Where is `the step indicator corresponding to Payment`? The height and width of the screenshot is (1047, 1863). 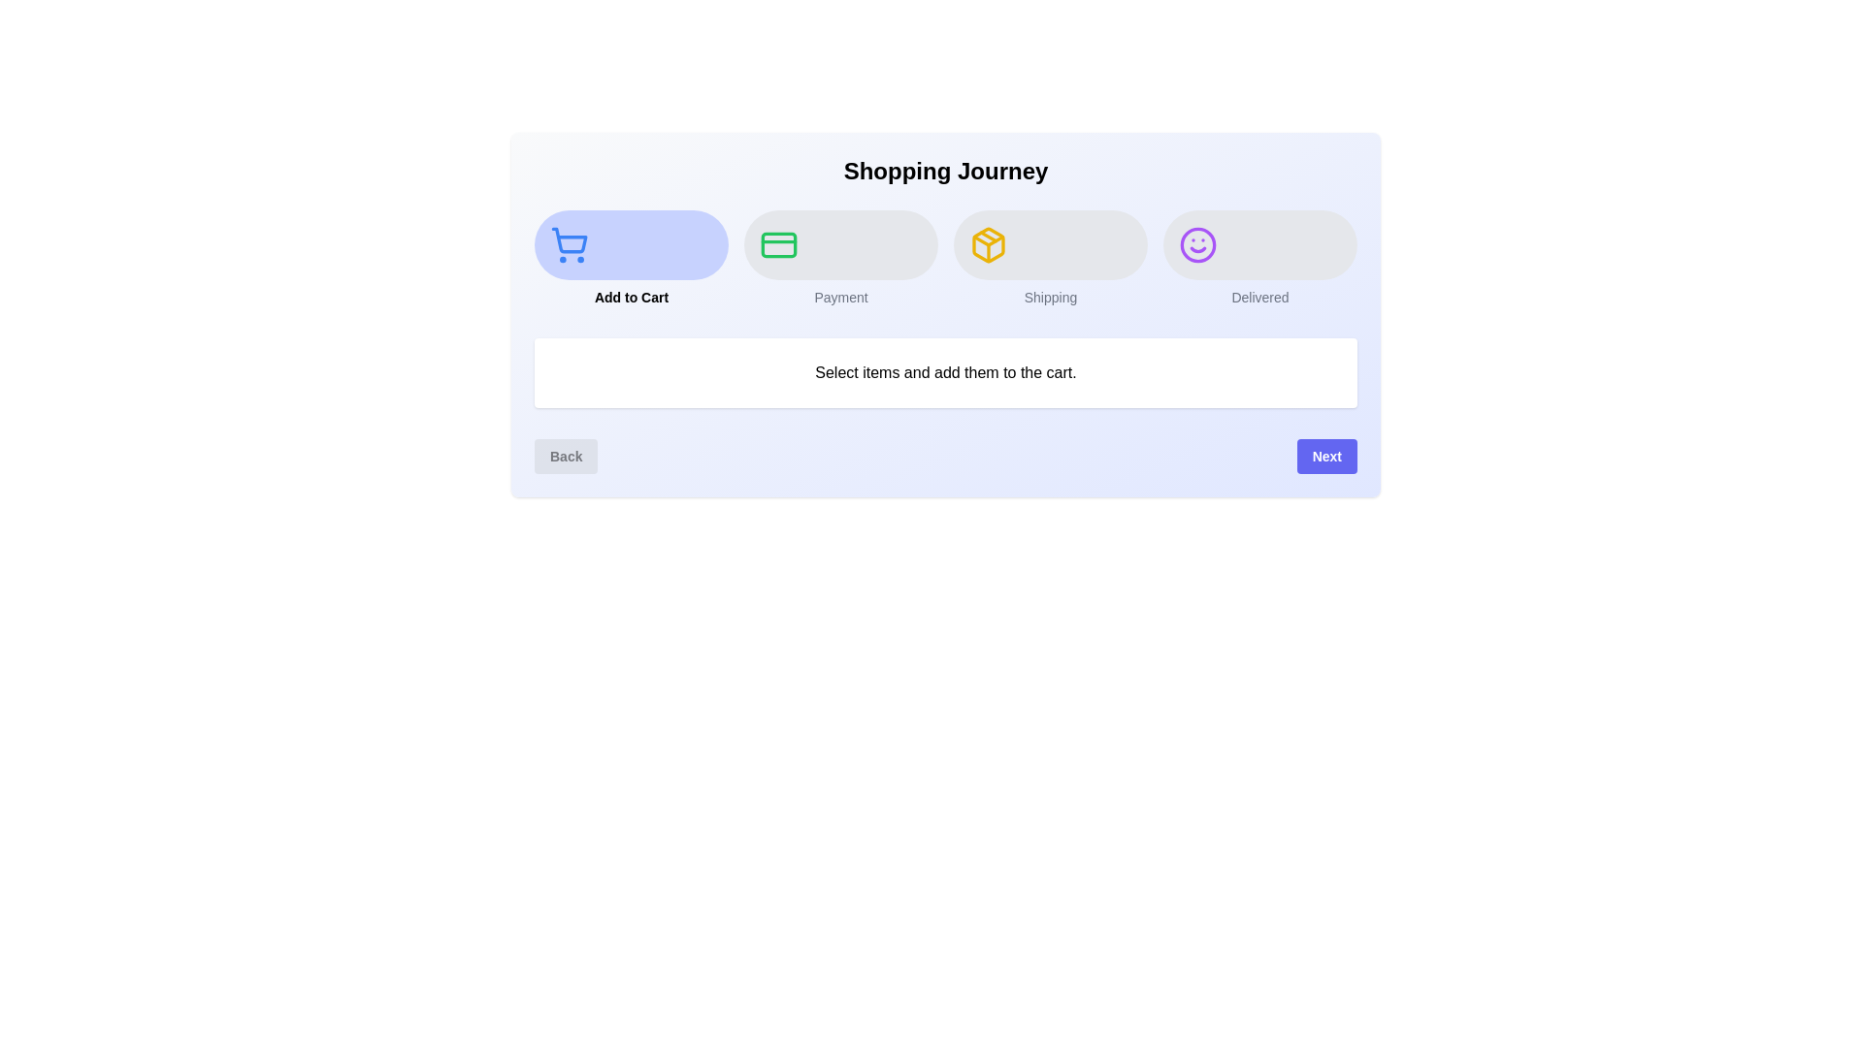 the step indicator corresponding to Payment is located at coordinates (841, 257).